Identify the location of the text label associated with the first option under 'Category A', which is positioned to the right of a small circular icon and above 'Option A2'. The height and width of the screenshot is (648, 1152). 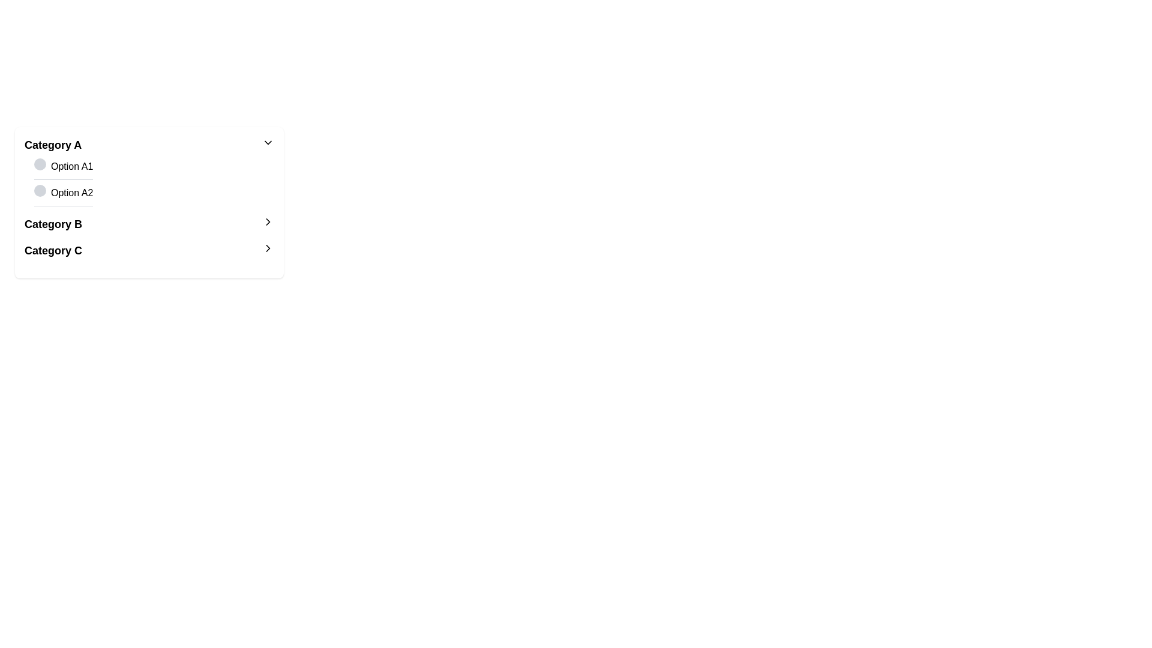
(71, 166).